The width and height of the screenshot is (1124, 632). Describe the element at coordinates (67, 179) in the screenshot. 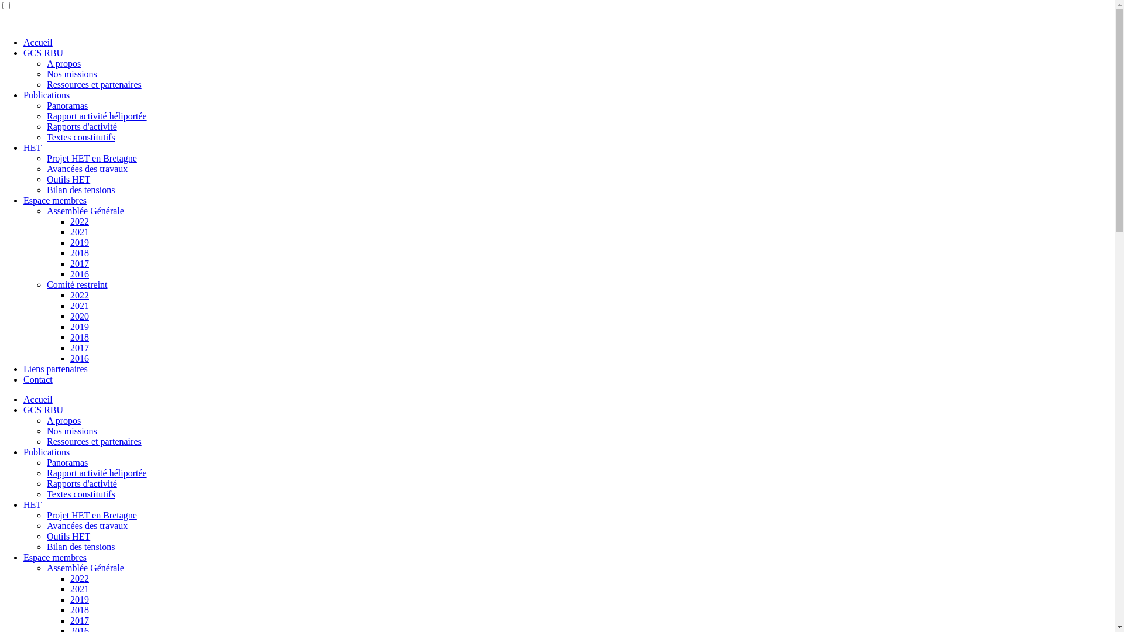

I see `'Outils HET'` at that location.